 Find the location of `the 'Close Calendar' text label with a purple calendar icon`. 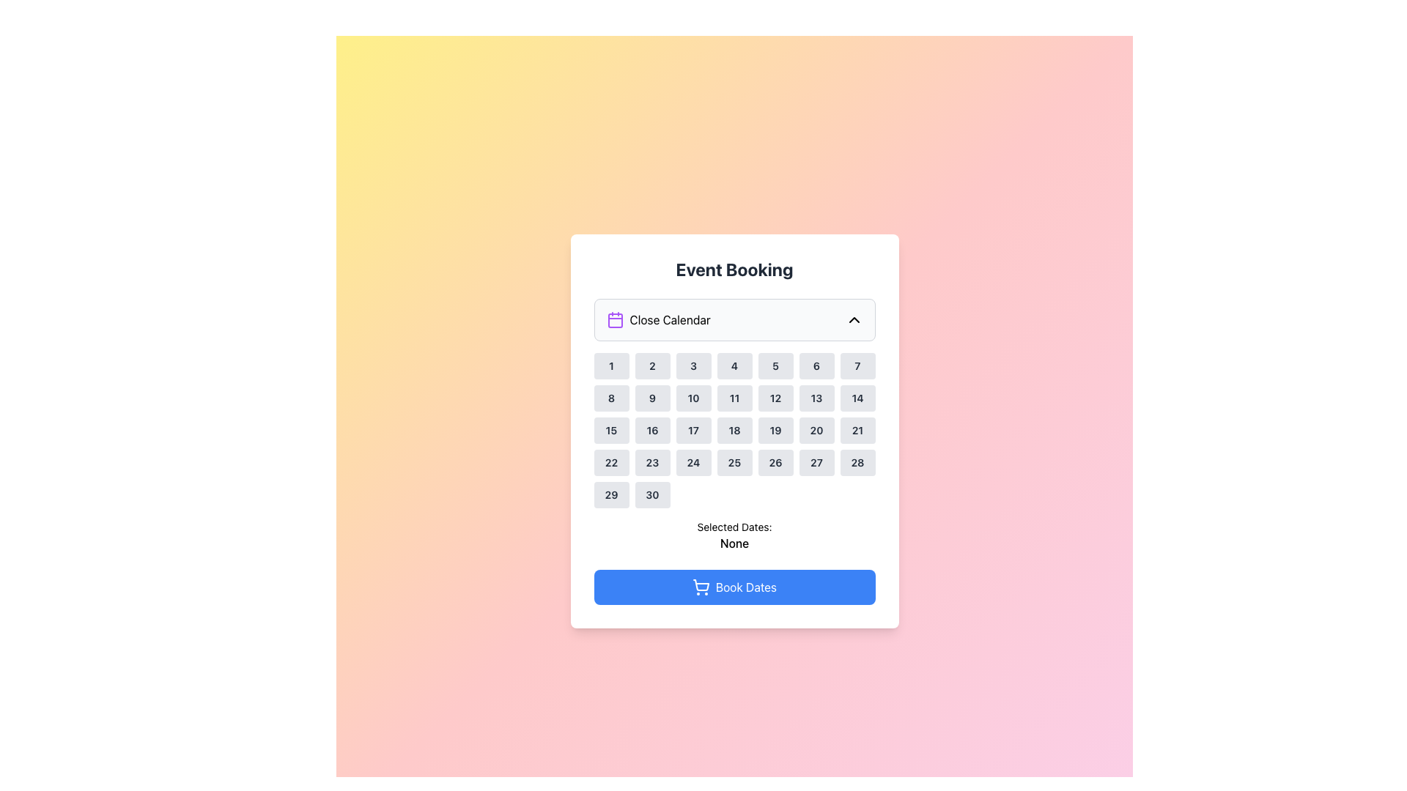

the 'Close Calendar' text label with a purple calendar icon is located at coordinates (657, 319).